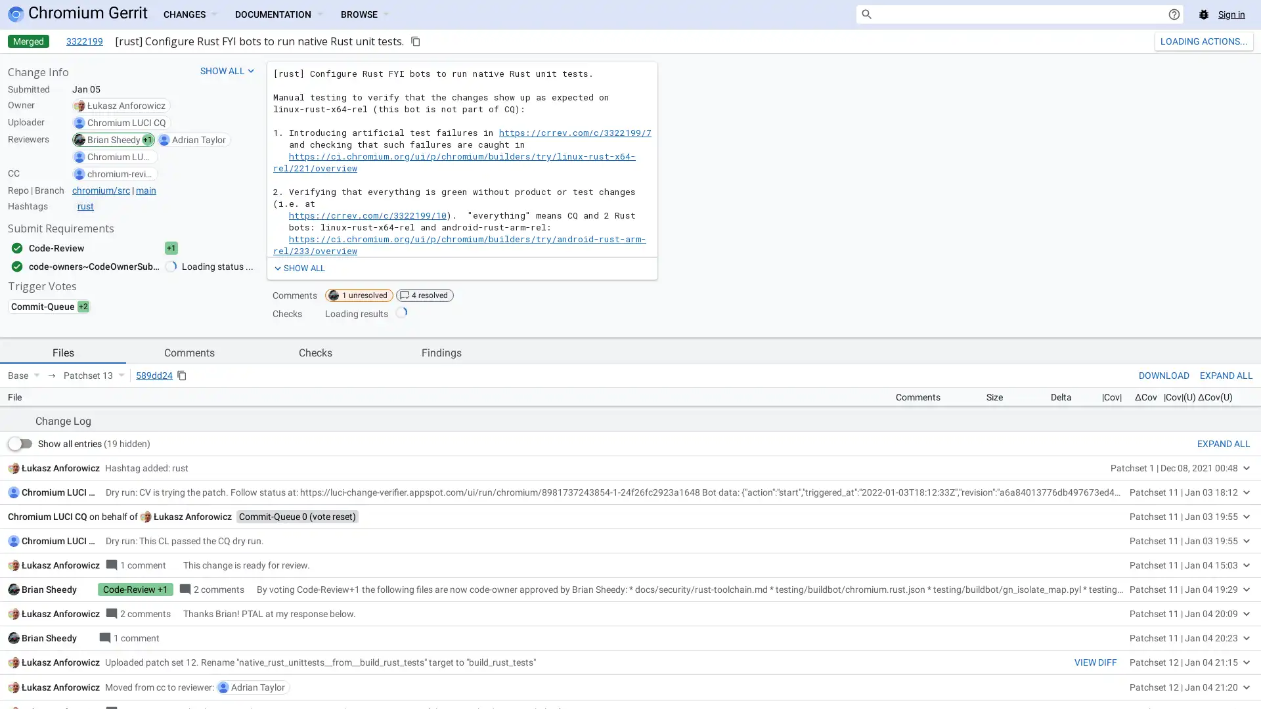  I want to click on SHOW ALL, so click(298, 267).